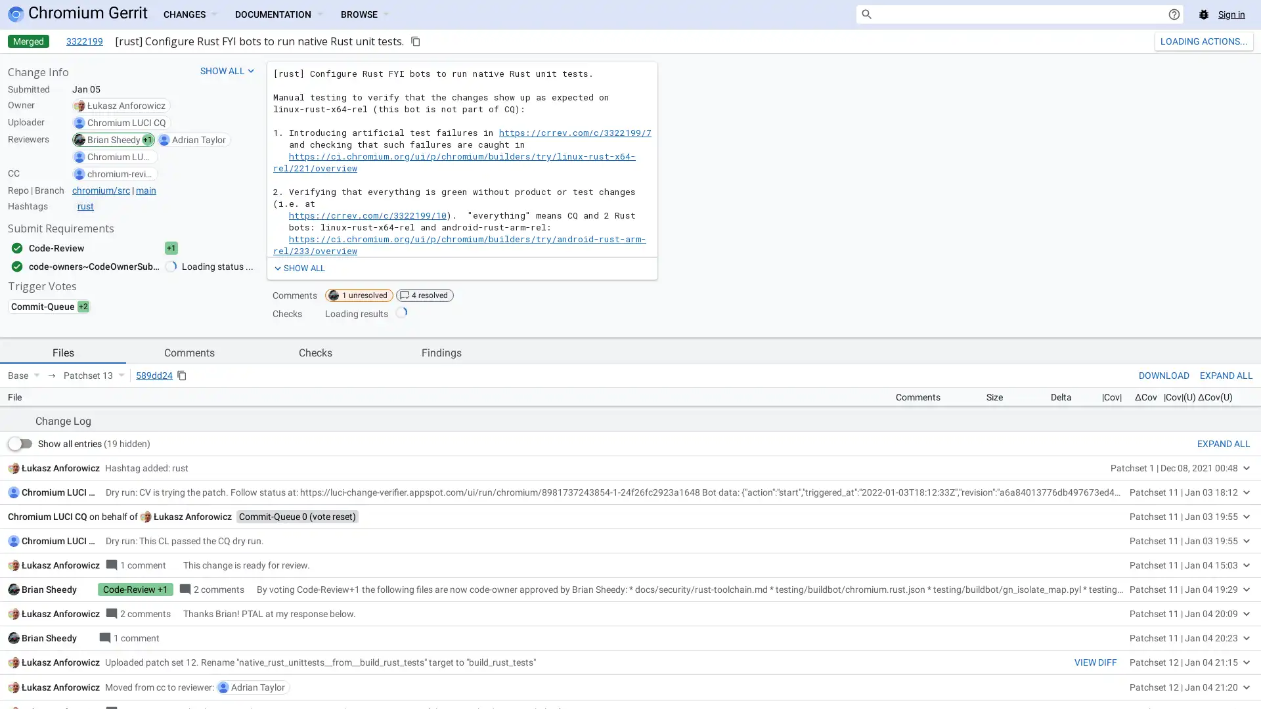  I want to click on SHOW ALL, so click(298, 267).